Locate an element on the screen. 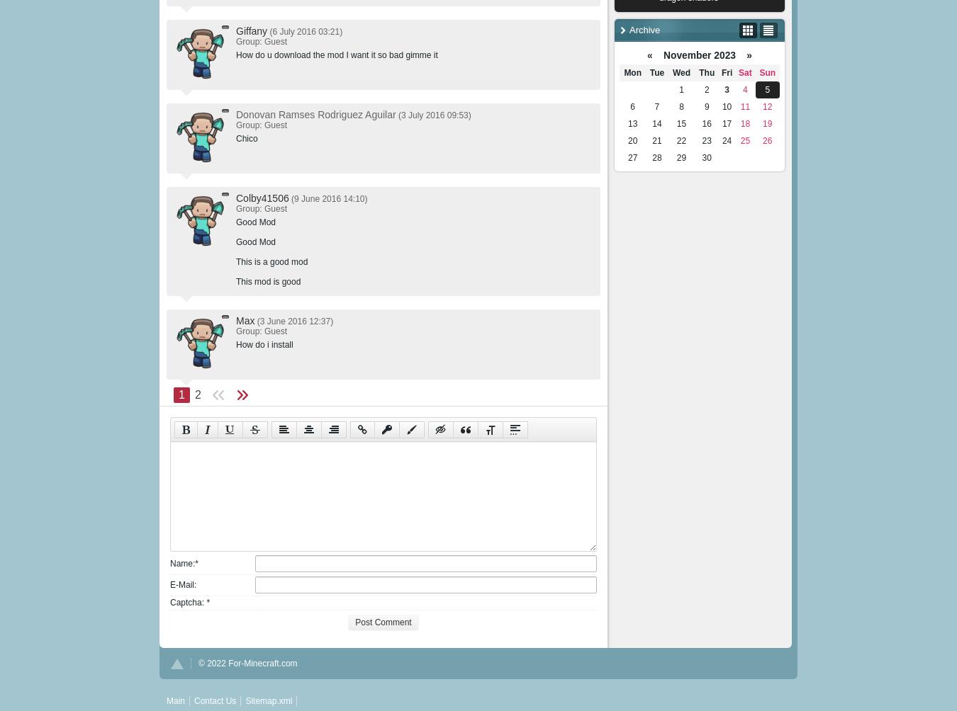 This screenshot has height=711, width=957. '13' is located at coordinates (632, 123).